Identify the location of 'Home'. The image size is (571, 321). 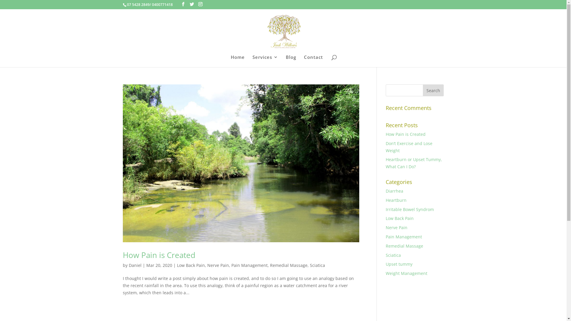
(237, 61).